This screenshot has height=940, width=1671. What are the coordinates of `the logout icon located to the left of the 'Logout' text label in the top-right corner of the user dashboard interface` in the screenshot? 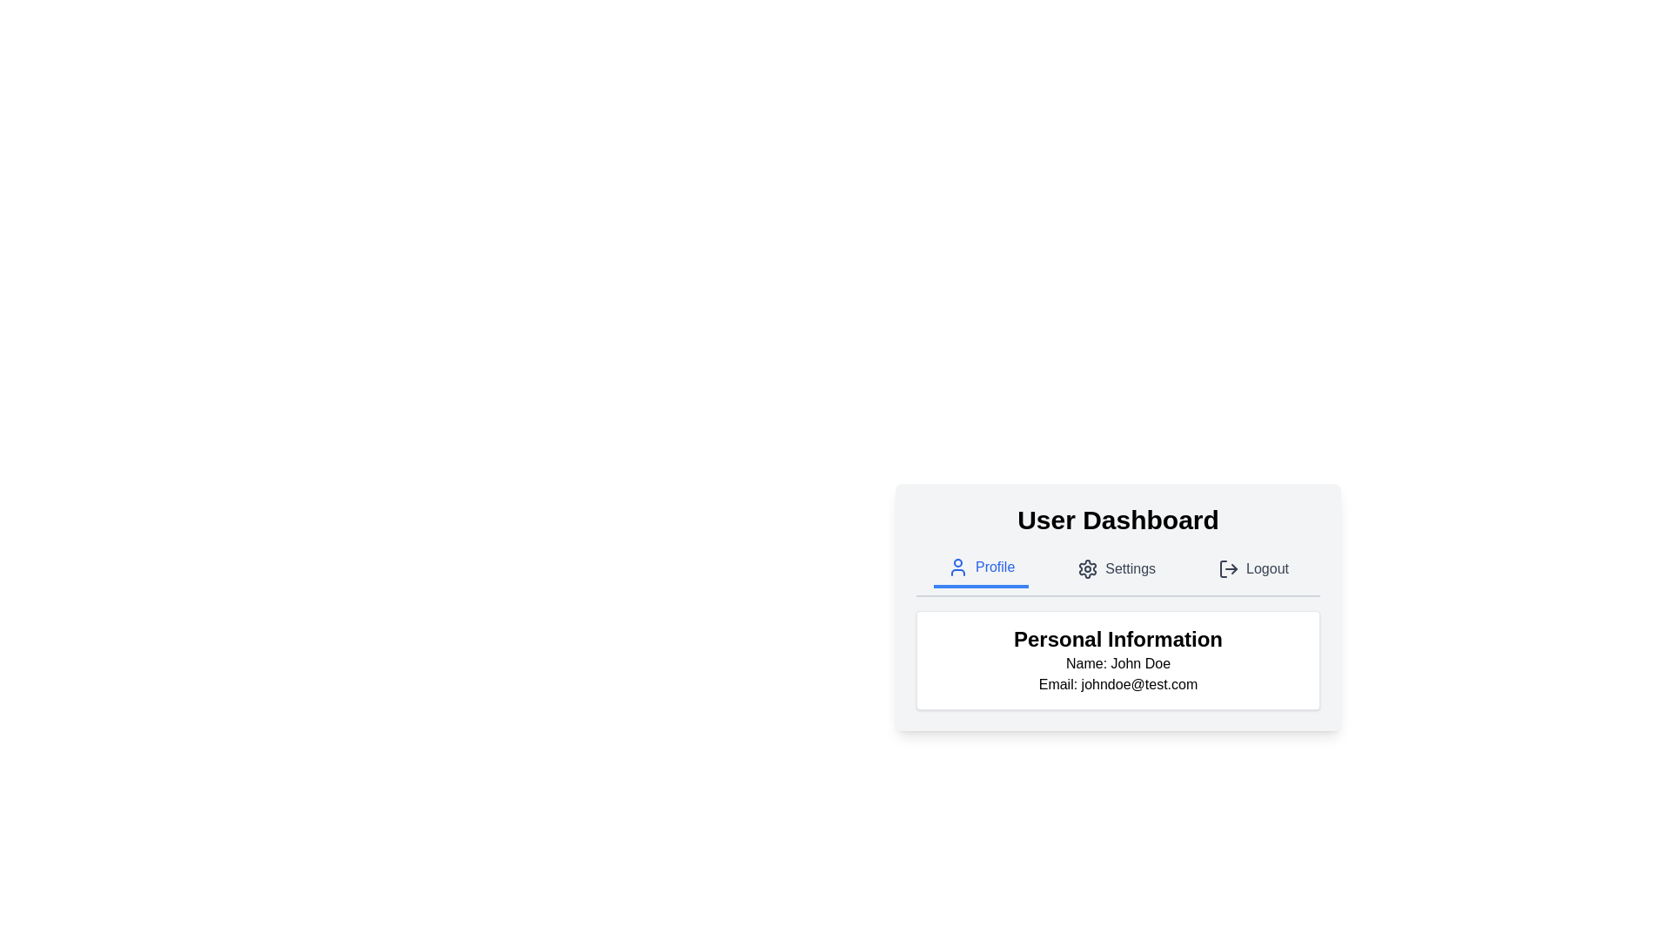 It's located at (1227, 569).